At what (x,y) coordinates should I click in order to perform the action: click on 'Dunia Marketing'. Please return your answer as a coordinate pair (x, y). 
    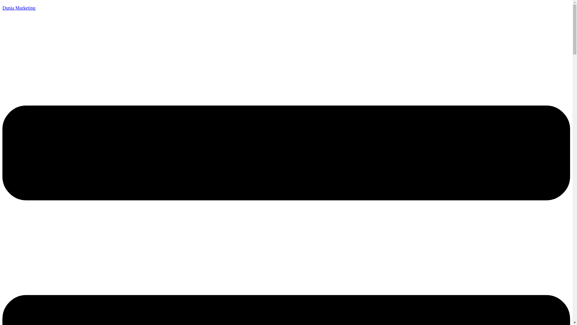
    Looking at the image, I should click on (19, 8).